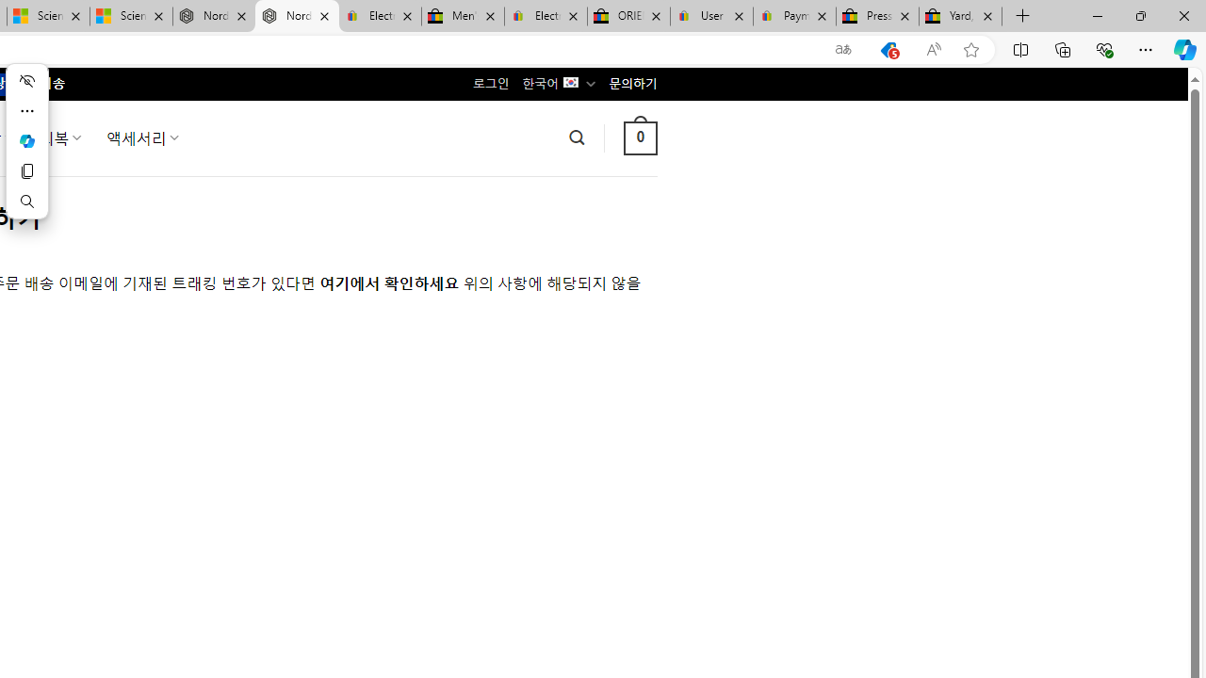  Describe the element at coordinates (710, 16) in the screenshot. I see `'User Privacy Notice | eBay'` at that location.